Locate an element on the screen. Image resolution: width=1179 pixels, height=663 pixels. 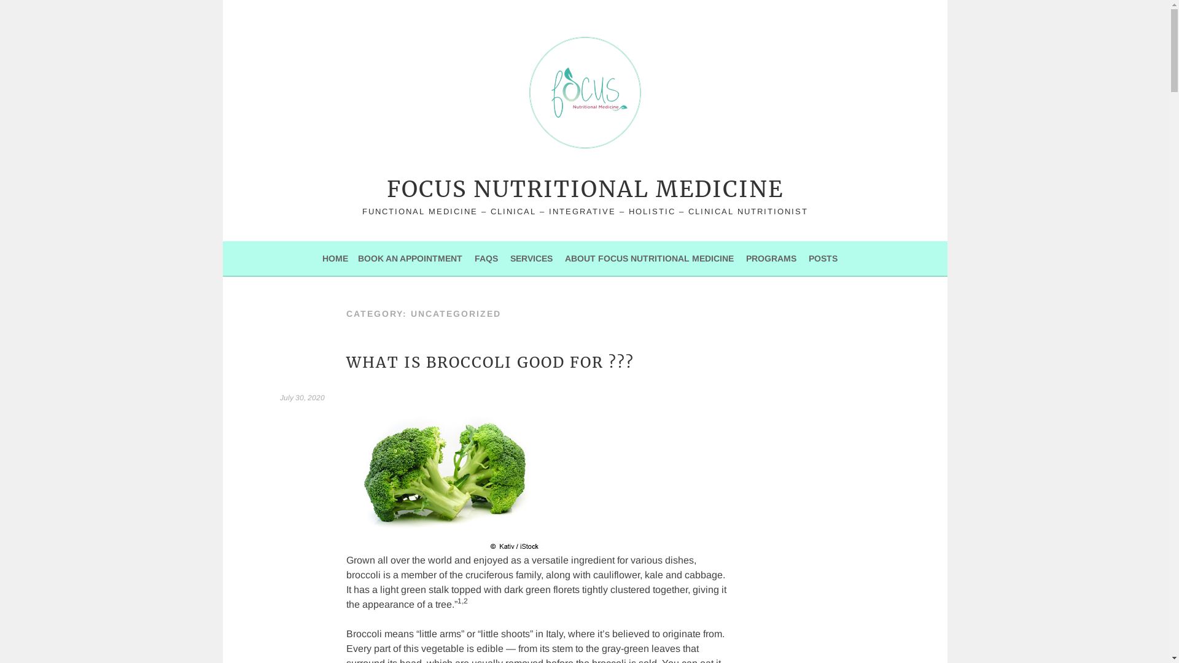
'FAQS' is located at coordinates (486, 257).